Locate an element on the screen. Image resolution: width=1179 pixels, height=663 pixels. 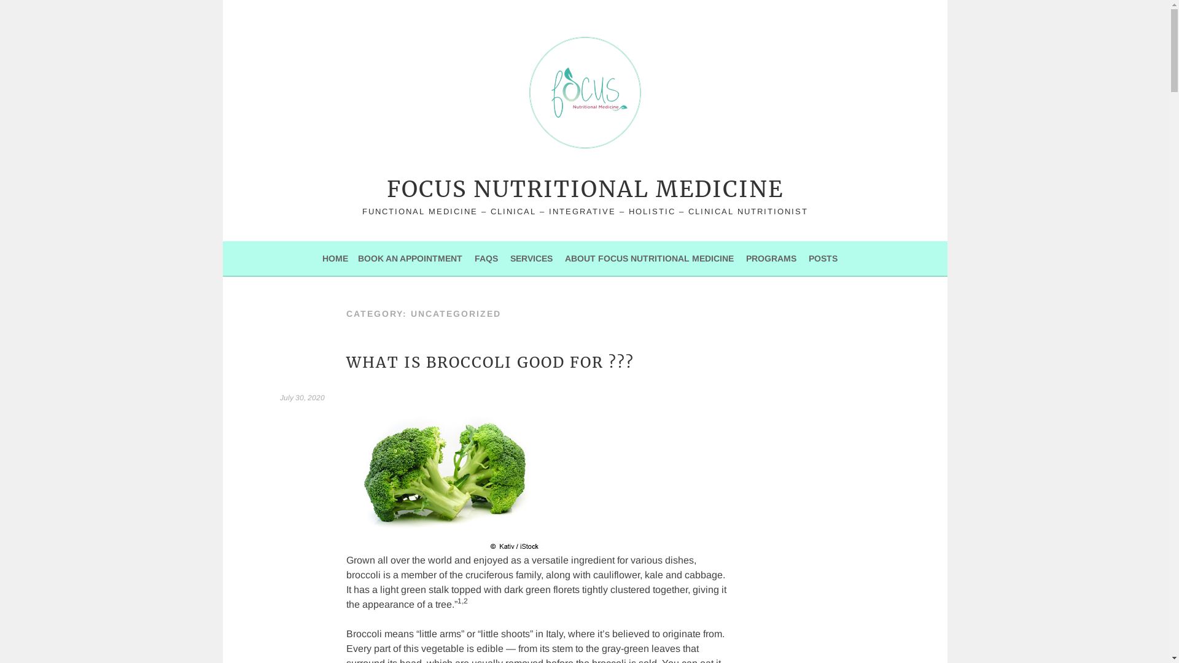
'FAQS' is located at coordinates (486, 257).